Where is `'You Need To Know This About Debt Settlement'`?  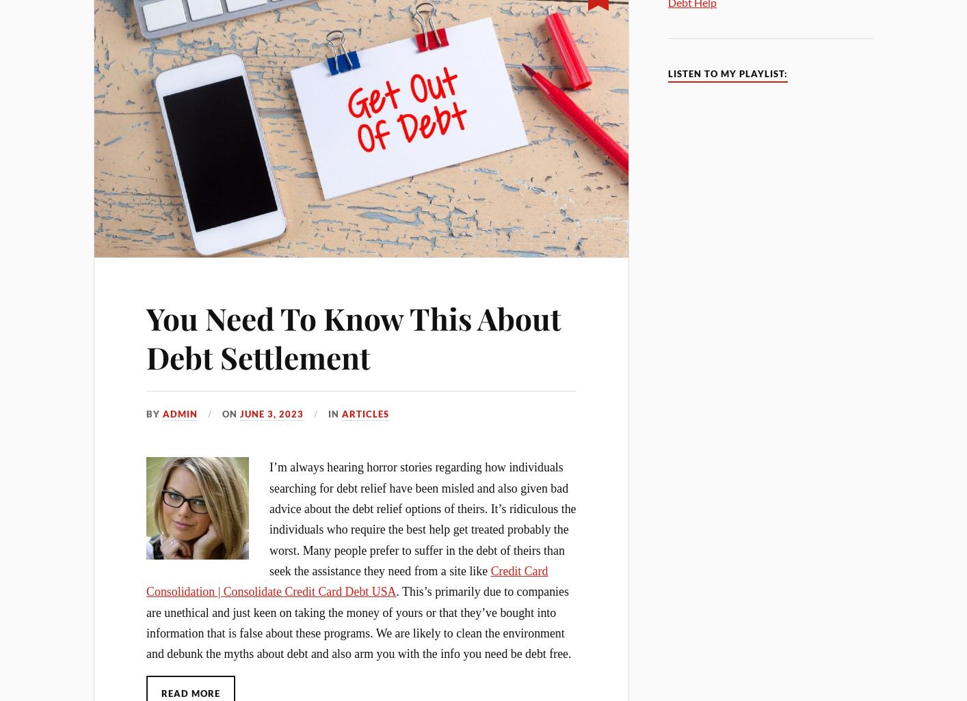 'You Need To Know This About Debt Settlement' is located at coordinates (353, 337).